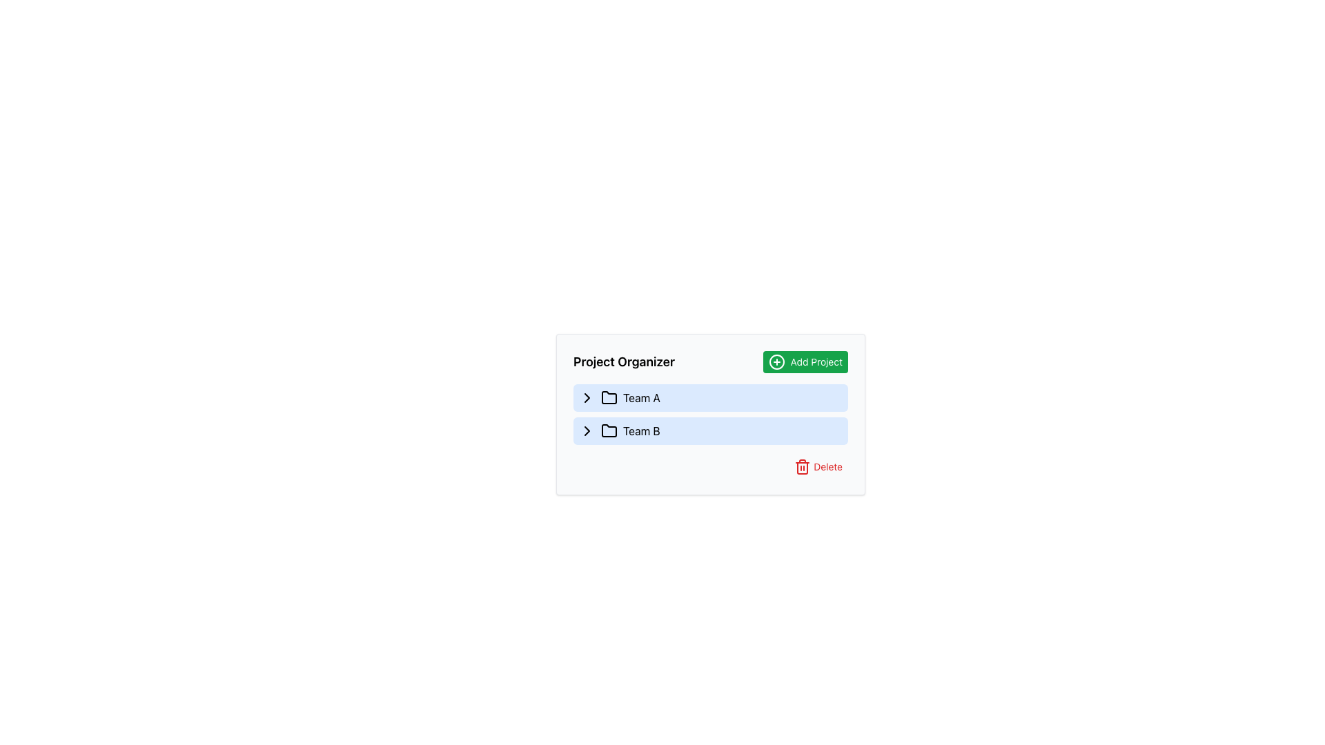  Describe the element at coordinates (776, 361) in the screenshot. I see `the Decorative SVG circle element that visually complements the 'Add Project' button in the upper-right corner of the 'Project Organizer' section` at that location.